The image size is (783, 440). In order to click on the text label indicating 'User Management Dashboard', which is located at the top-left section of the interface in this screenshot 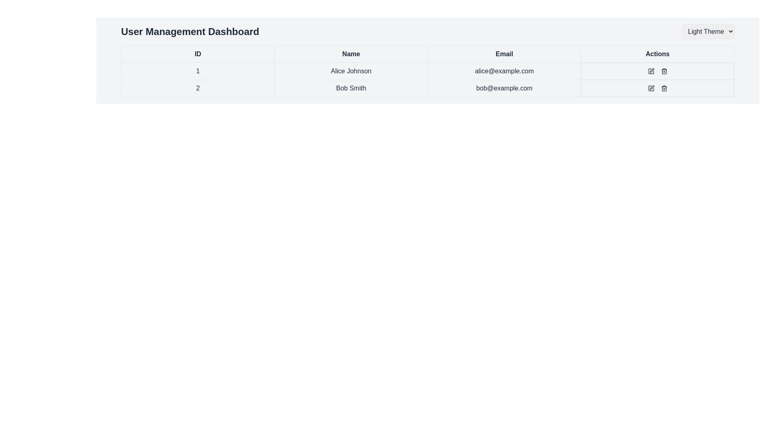, I will do `click(190, 31)`.